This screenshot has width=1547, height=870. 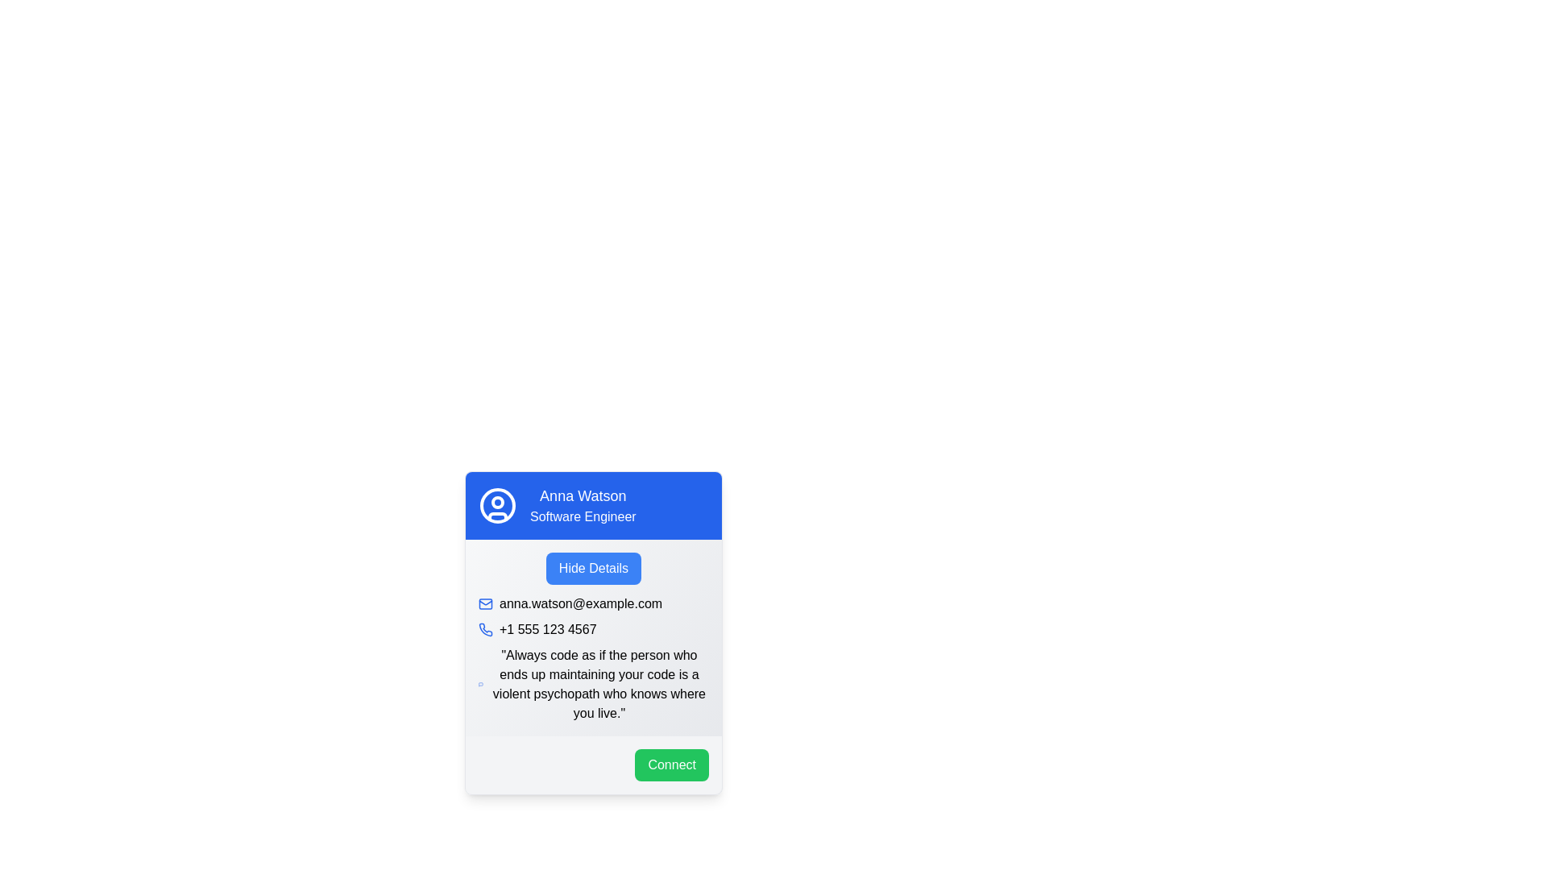 What do you see at coordinates (497, 505) in the screenshot?
I see `the user icon represented as a circular outline with a head and shoulders above the text 'Anna Watson Software Engineer'` at bounding box center [497, 505].